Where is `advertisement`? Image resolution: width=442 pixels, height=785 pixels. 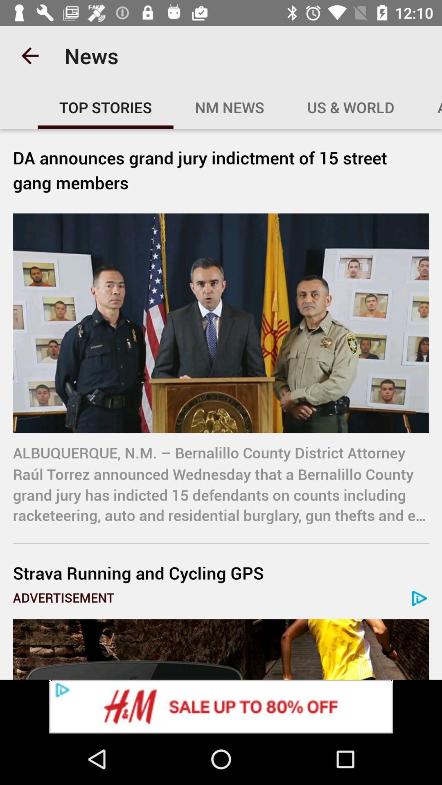 advertisement is located at coordinates (221, 649).